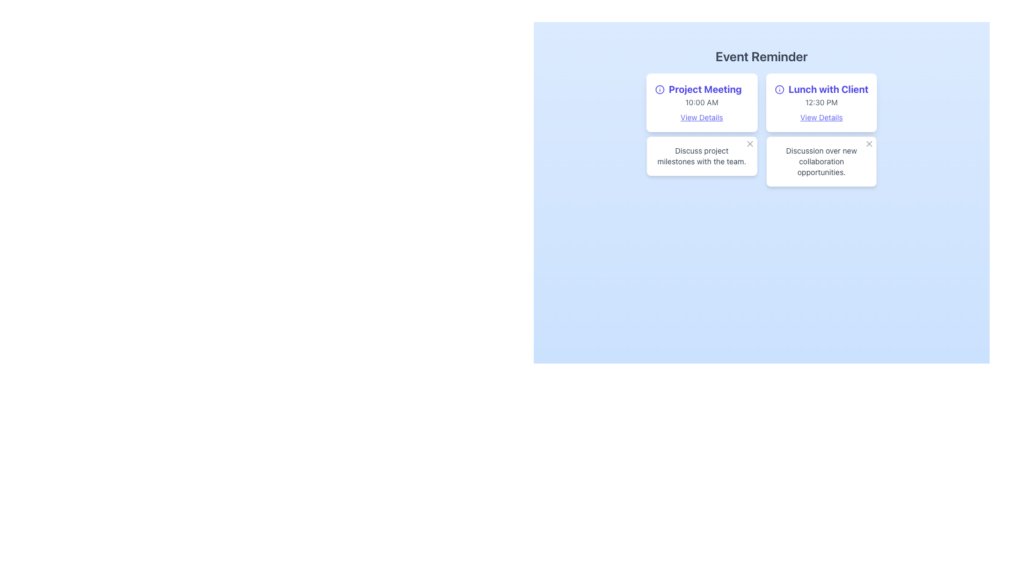 The image size is (1031, 580). I want to click on title text of the card located at the top of the white card, which identifies the associated event or activity, positioned above the '10:00 AM' text and aligned to the left, so click(701, 89).